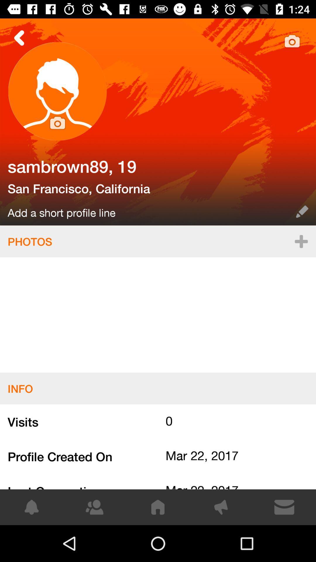 This screenshot has height=562, width=316. What do you see at coordinates (302, 211) in the screenshot?
I see `the edit icon` at bounding box center [302, 211].